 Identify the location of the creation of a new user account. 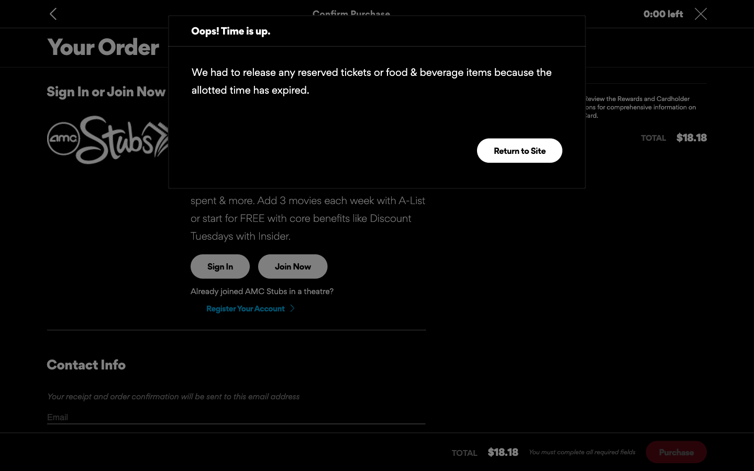
(249, 308).